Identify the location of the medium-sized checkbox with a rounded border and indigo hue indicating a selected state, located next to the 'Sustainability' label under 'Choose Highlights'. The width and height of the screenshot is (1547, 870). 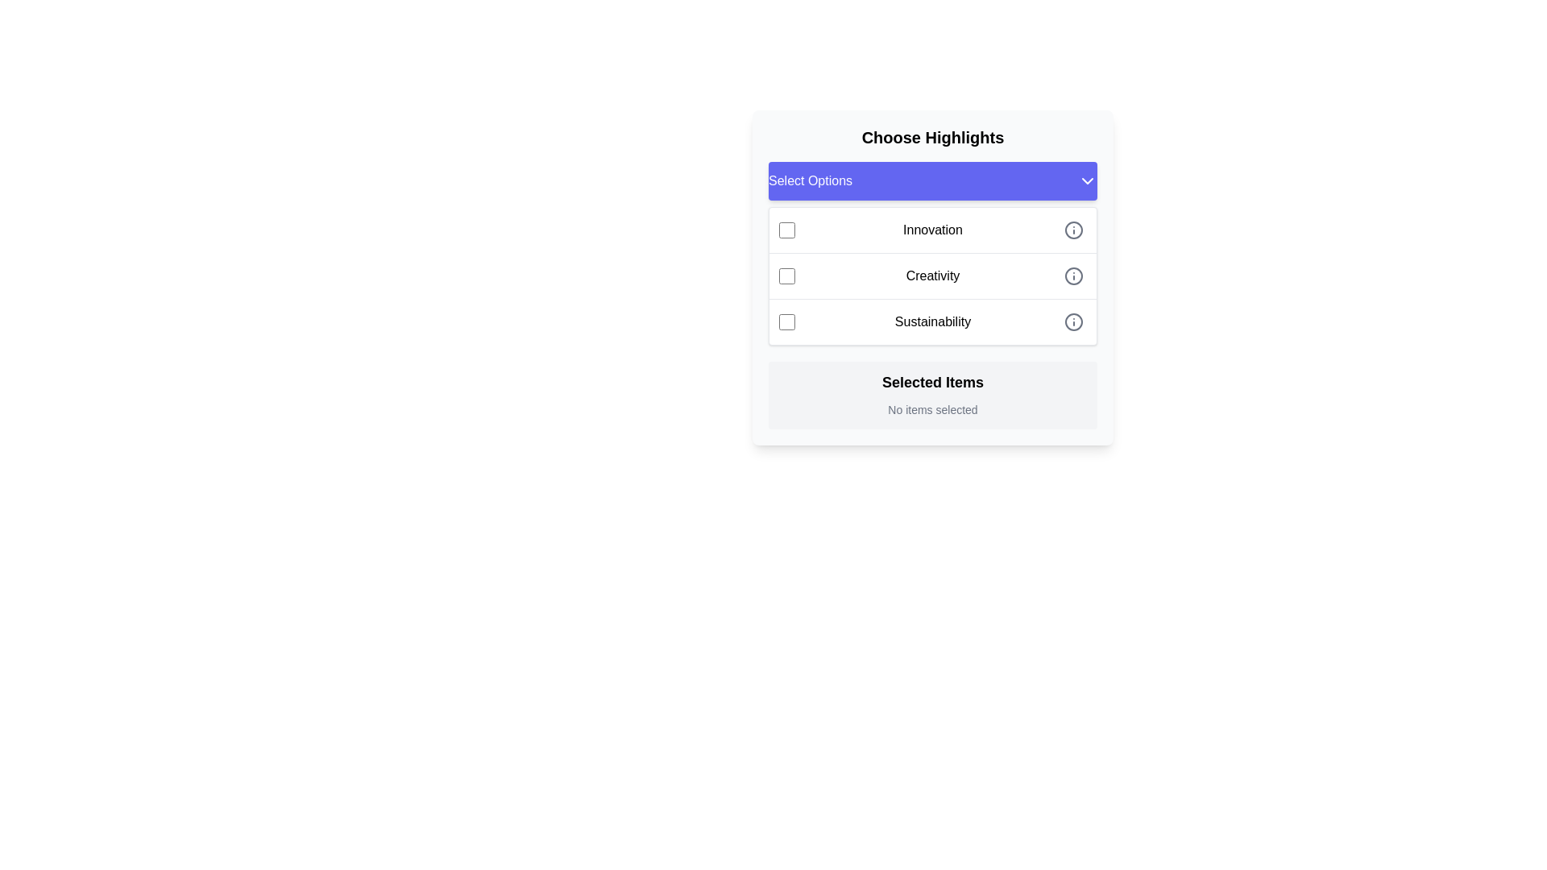
(787, 322).